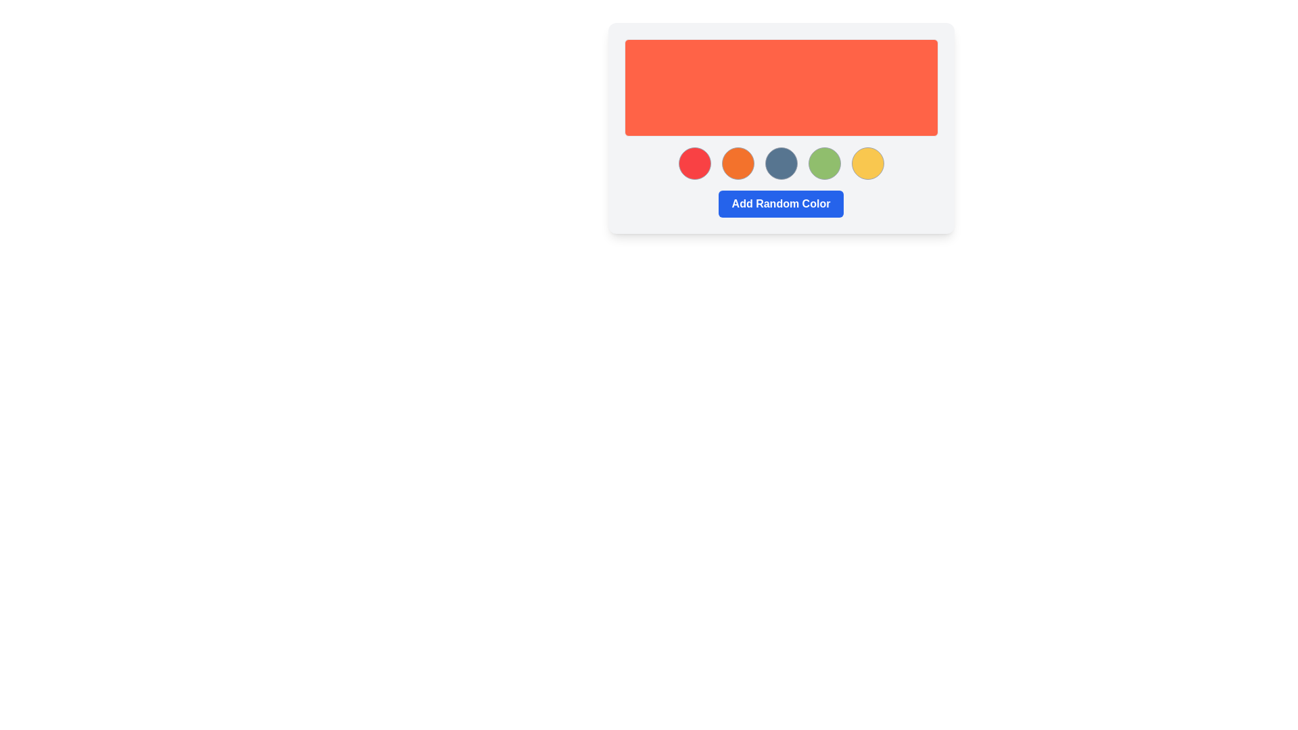 This screenshot has width=1298, height=730. What do you see at coordinates (694, 163) in the screenshot?
I see `the first circular color selector button, which is part of a row of five buttons and positioned above the 'Add Random Color' button` at bounding box center [694, 163].